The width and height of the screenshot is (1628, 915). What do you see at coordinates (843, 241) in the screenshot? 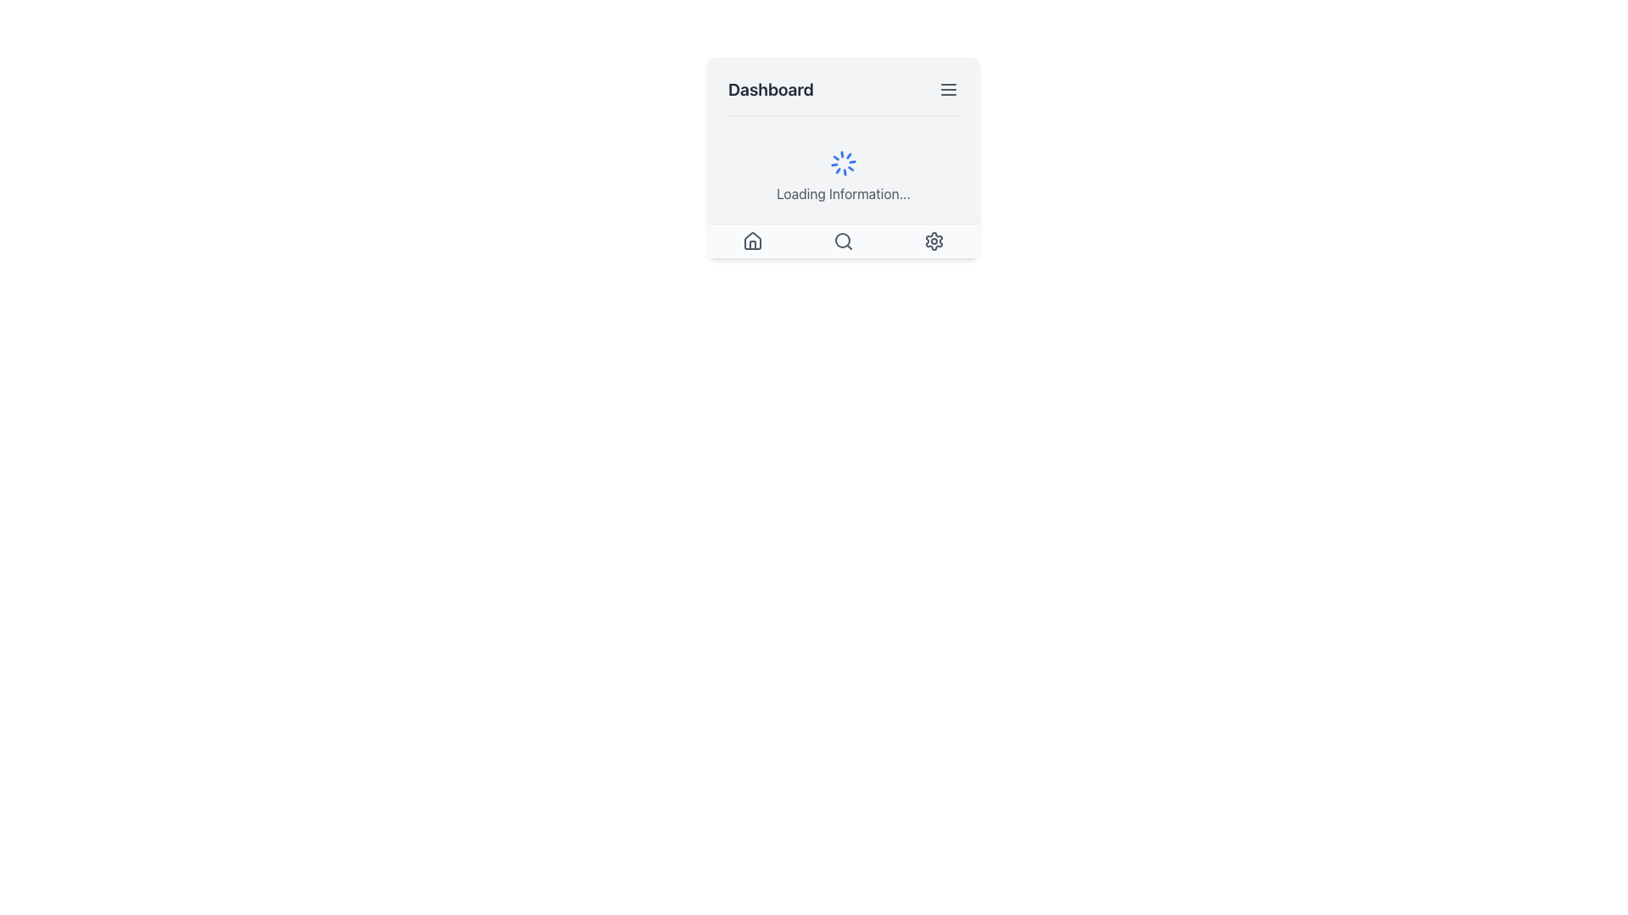
I see `the second icon from the left in the navigation bar located at the bottom of the card, just below the text 'Loading Information...', for additional visual feedback` at bounding box center [843, 241].